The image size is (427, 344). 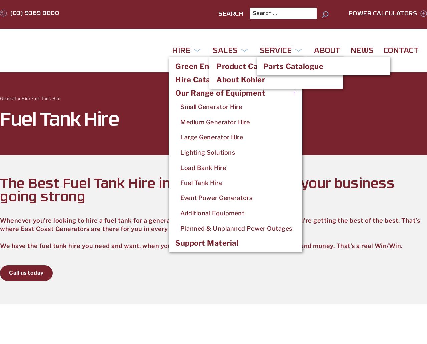 I want to click on 'Product Catalogue', so click(x=251, y=66).